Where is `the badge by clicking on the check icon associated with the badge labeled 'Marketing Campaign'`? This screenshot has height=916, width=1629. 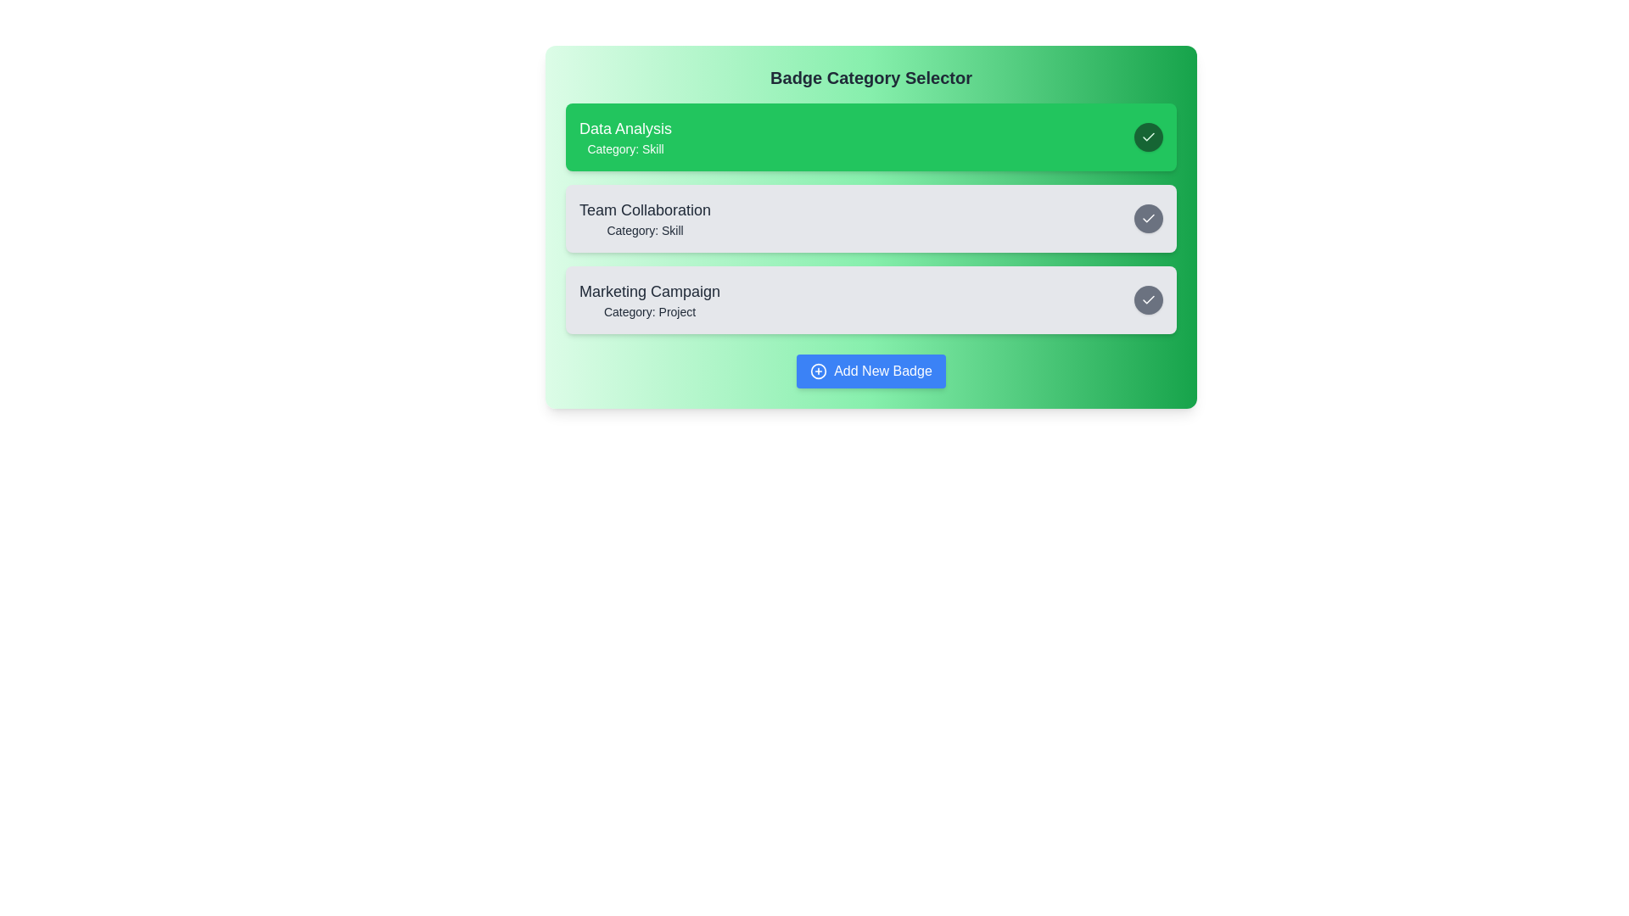 the badge by clicking on the check icon associated with the badge labeled 'Marketing Campaign' is located at coordinates (1148, 299).